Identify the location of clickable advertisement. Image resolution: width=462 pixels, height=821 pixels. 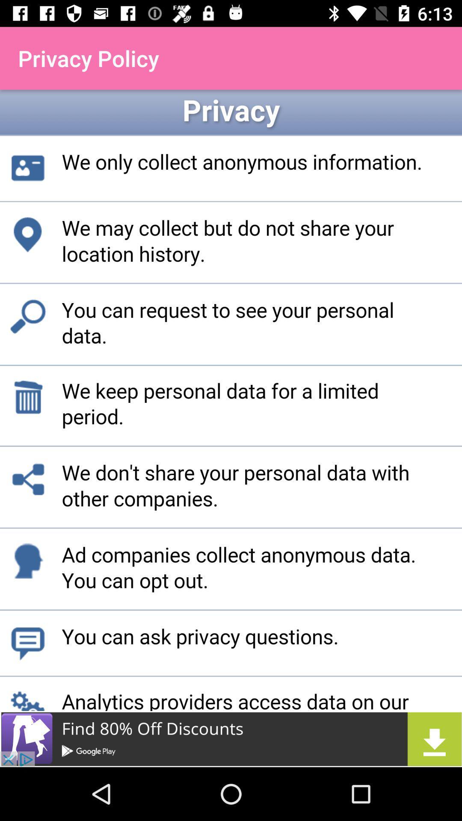
(231, 738).